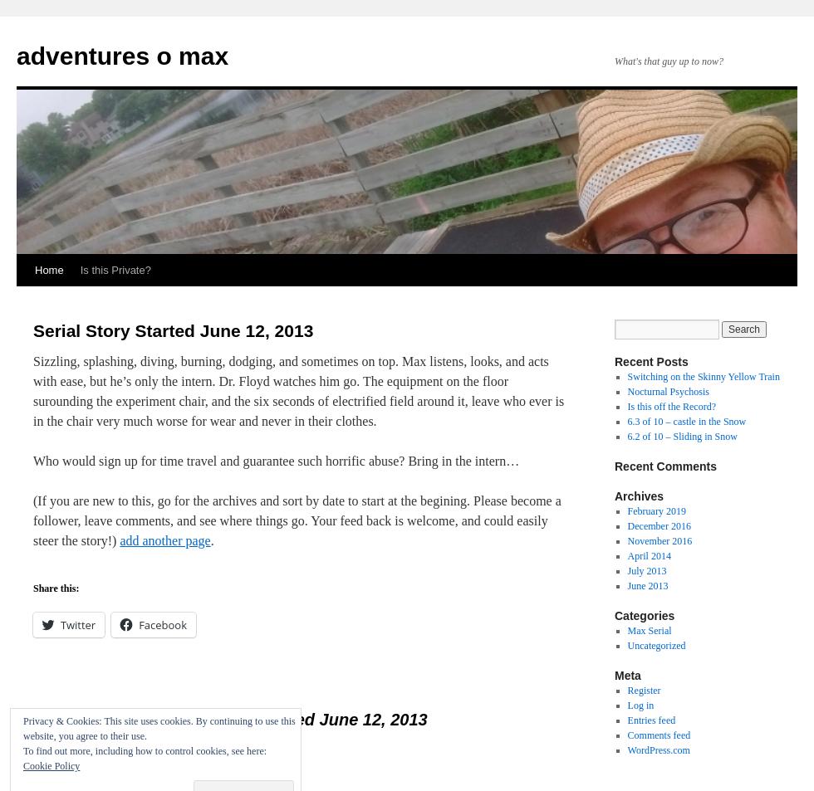 The height and width of the screenshot is (791, 814). I want to click on 'Switching on the Skinny Yellow Train', so click(703, 376).